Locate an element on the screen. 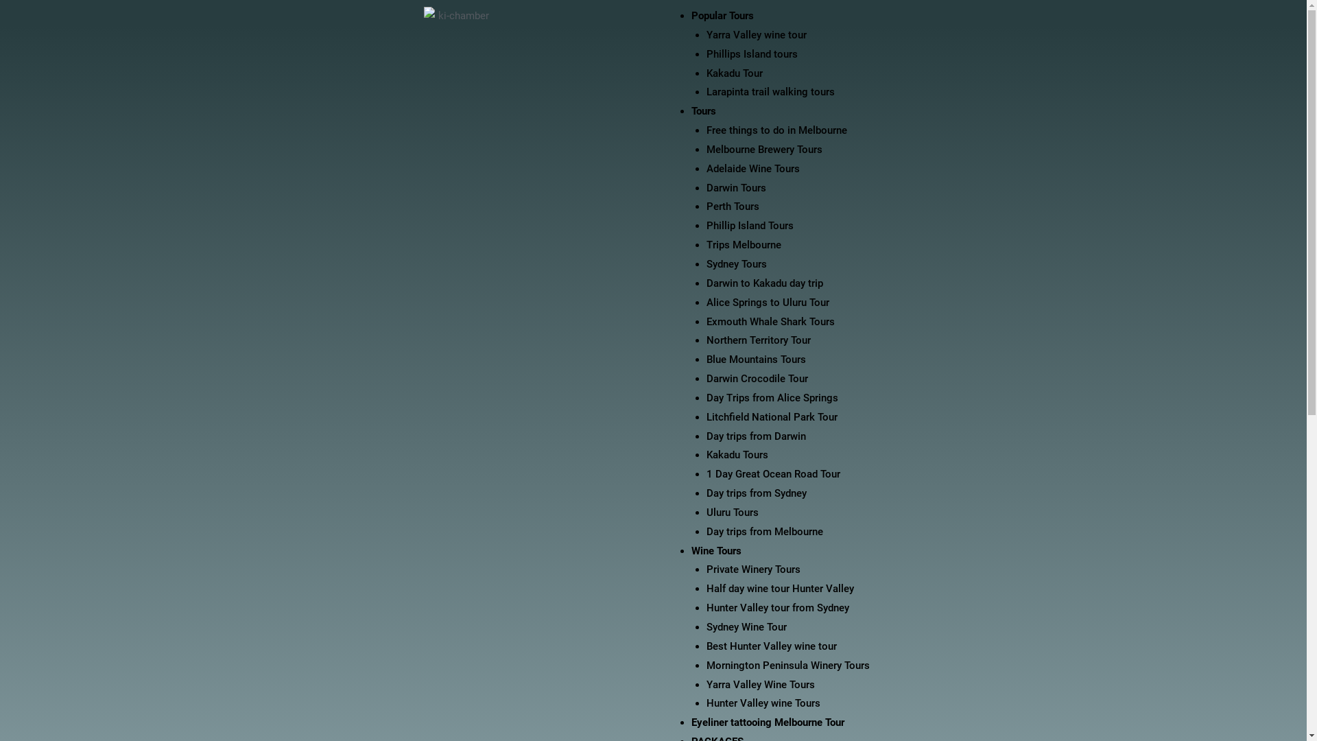 Image resolution: width=1317 pixels, height=741 pixels. 'Phillips Island tours' is located at coordinates (751, 53).